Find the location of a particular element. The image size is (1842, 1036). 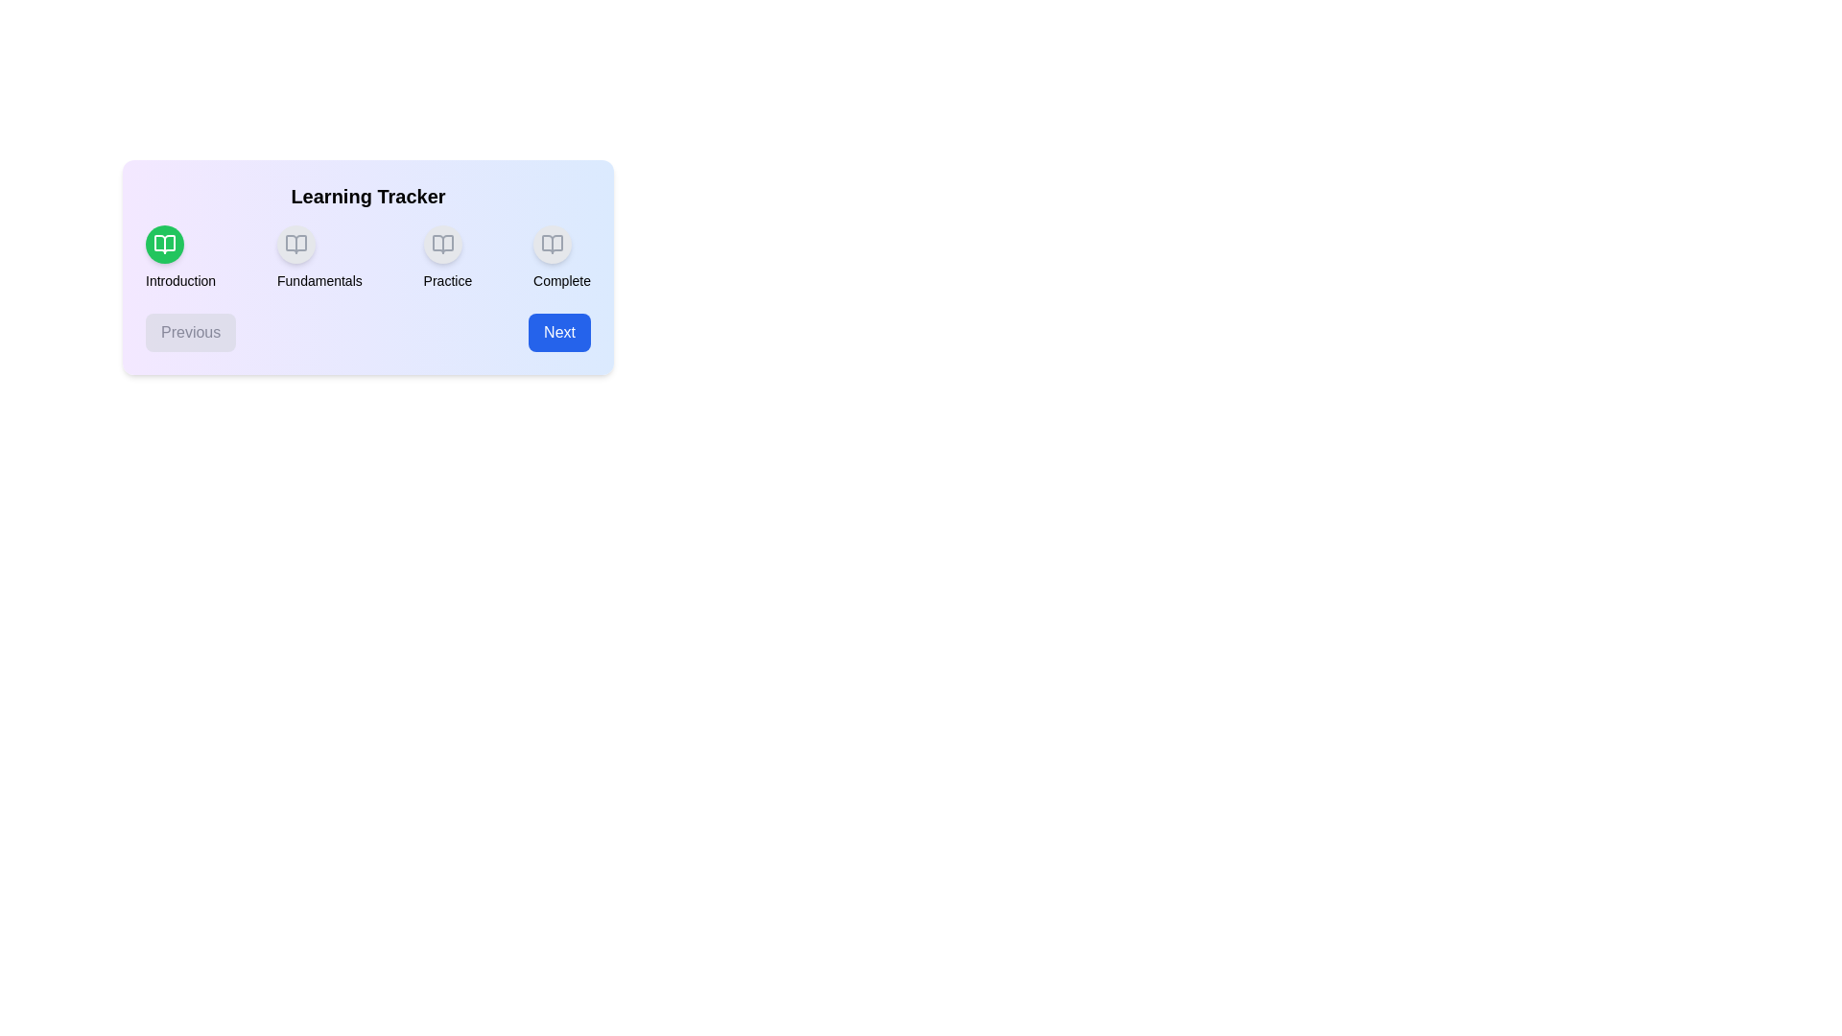

the 'Complete' text label, which is the fourth stage label in the 'Learning Tracker' header, located below a circular icon and to the right of 'Practice' is located at coordinates (560, 281).